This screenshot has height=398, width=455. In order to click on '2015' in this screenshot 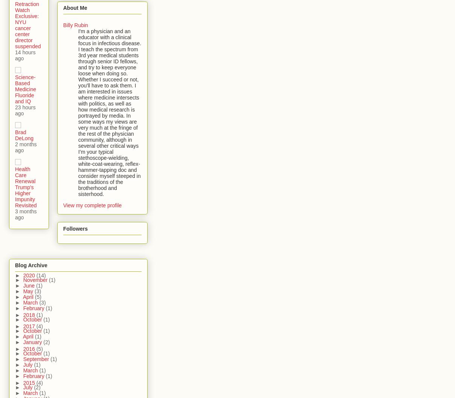, I will do `click(29, 382)`.